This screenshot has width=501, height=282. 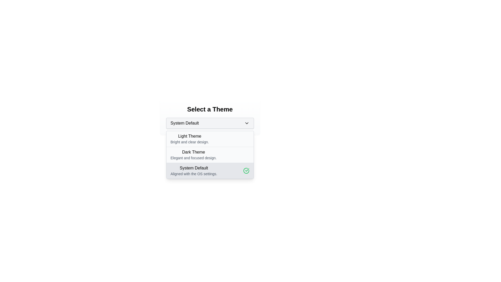 I want to click on the Text Label that indicates the currently selected theme option in the dropdown list, located in the top-middle section of the UI, adjacent to the down-facing chevron icon, so click(x=184, y=123).